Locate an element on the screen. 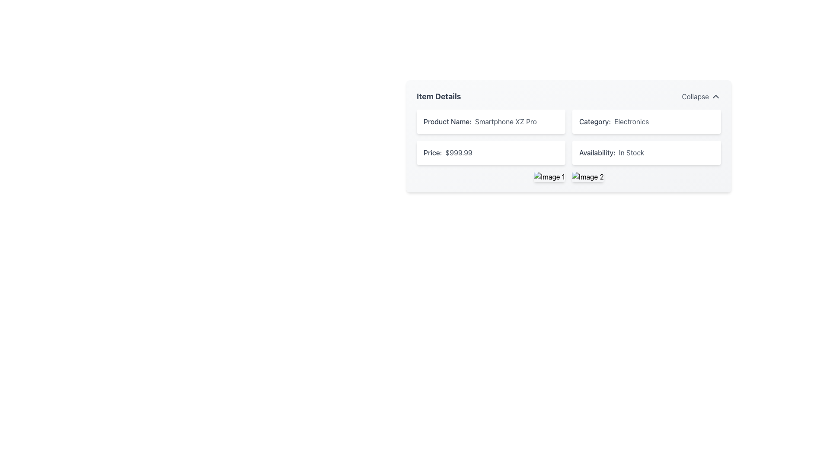  the text display element that shows the product name 'Smartphone XZ Pro', which is styled with a bolded label 'Product Name:' at the top-left of the grid layout is located at coordinates (491, 121).